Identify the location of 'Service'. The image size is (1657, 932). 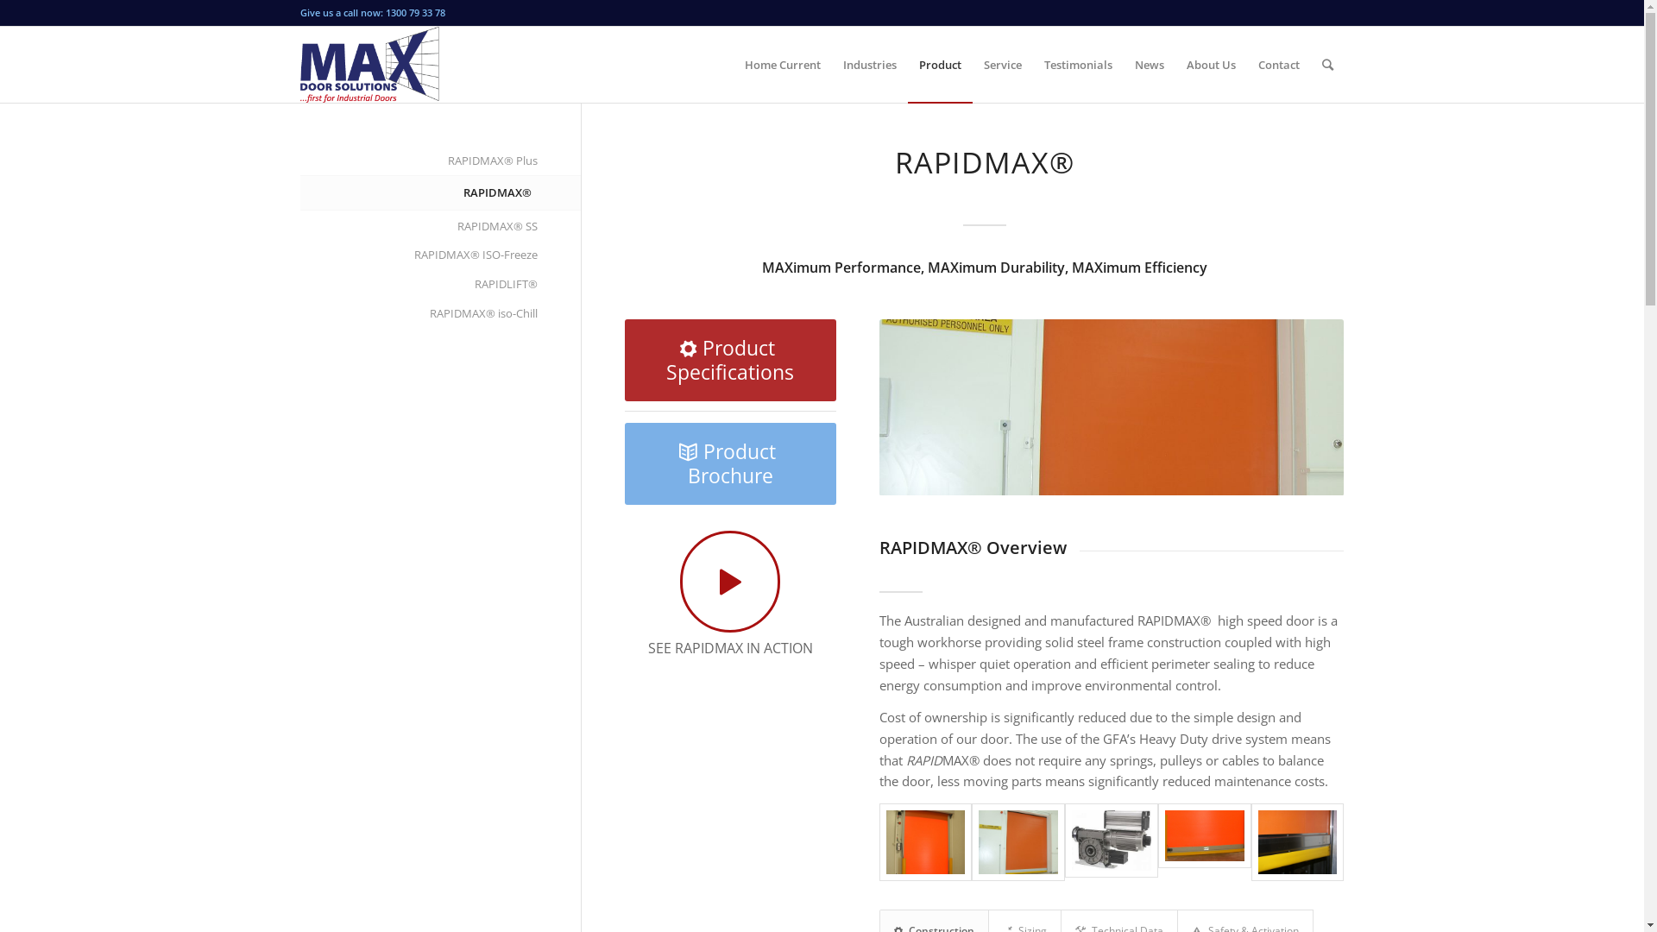
(1002, 63).